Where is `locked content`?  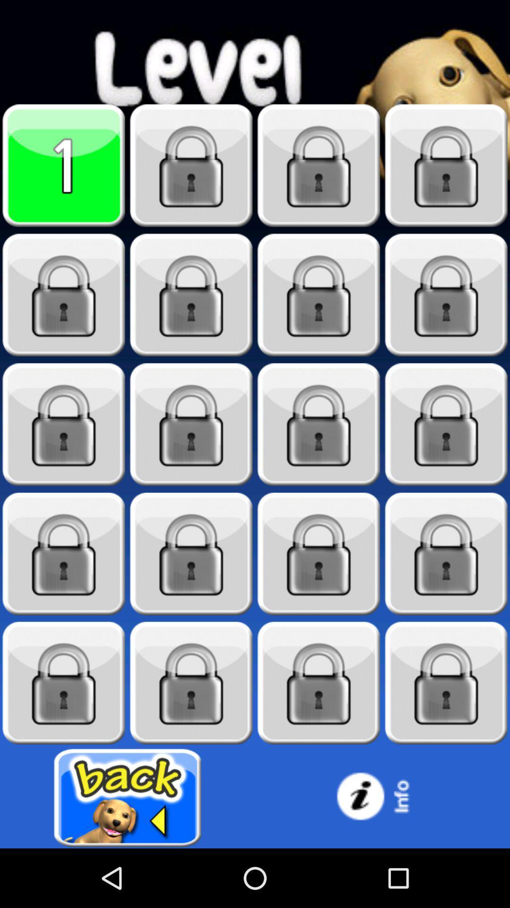 locked content is located at coordinates (446, 424).